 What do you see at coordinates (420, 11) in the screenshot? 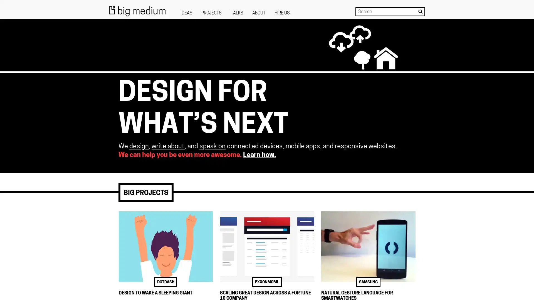
I see `Search` at bounding box center [420, 11].